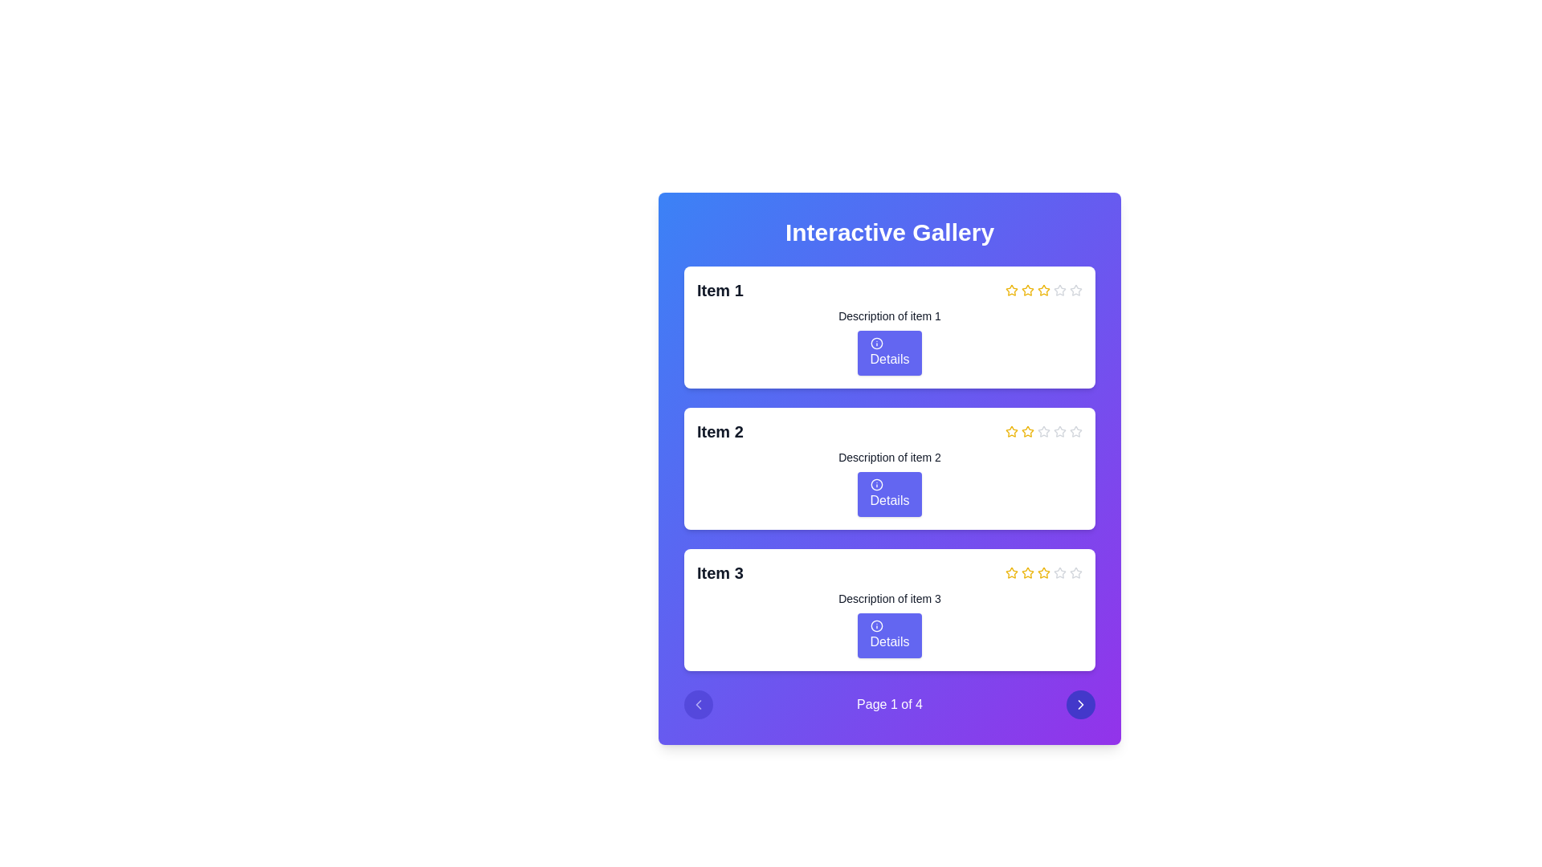  What do you see at coordinates (1010, 290) in the screenshot?
I see `the yellow star rating icon at the top right of the card for 'Item 1'` at bounding box center [1010, 290].